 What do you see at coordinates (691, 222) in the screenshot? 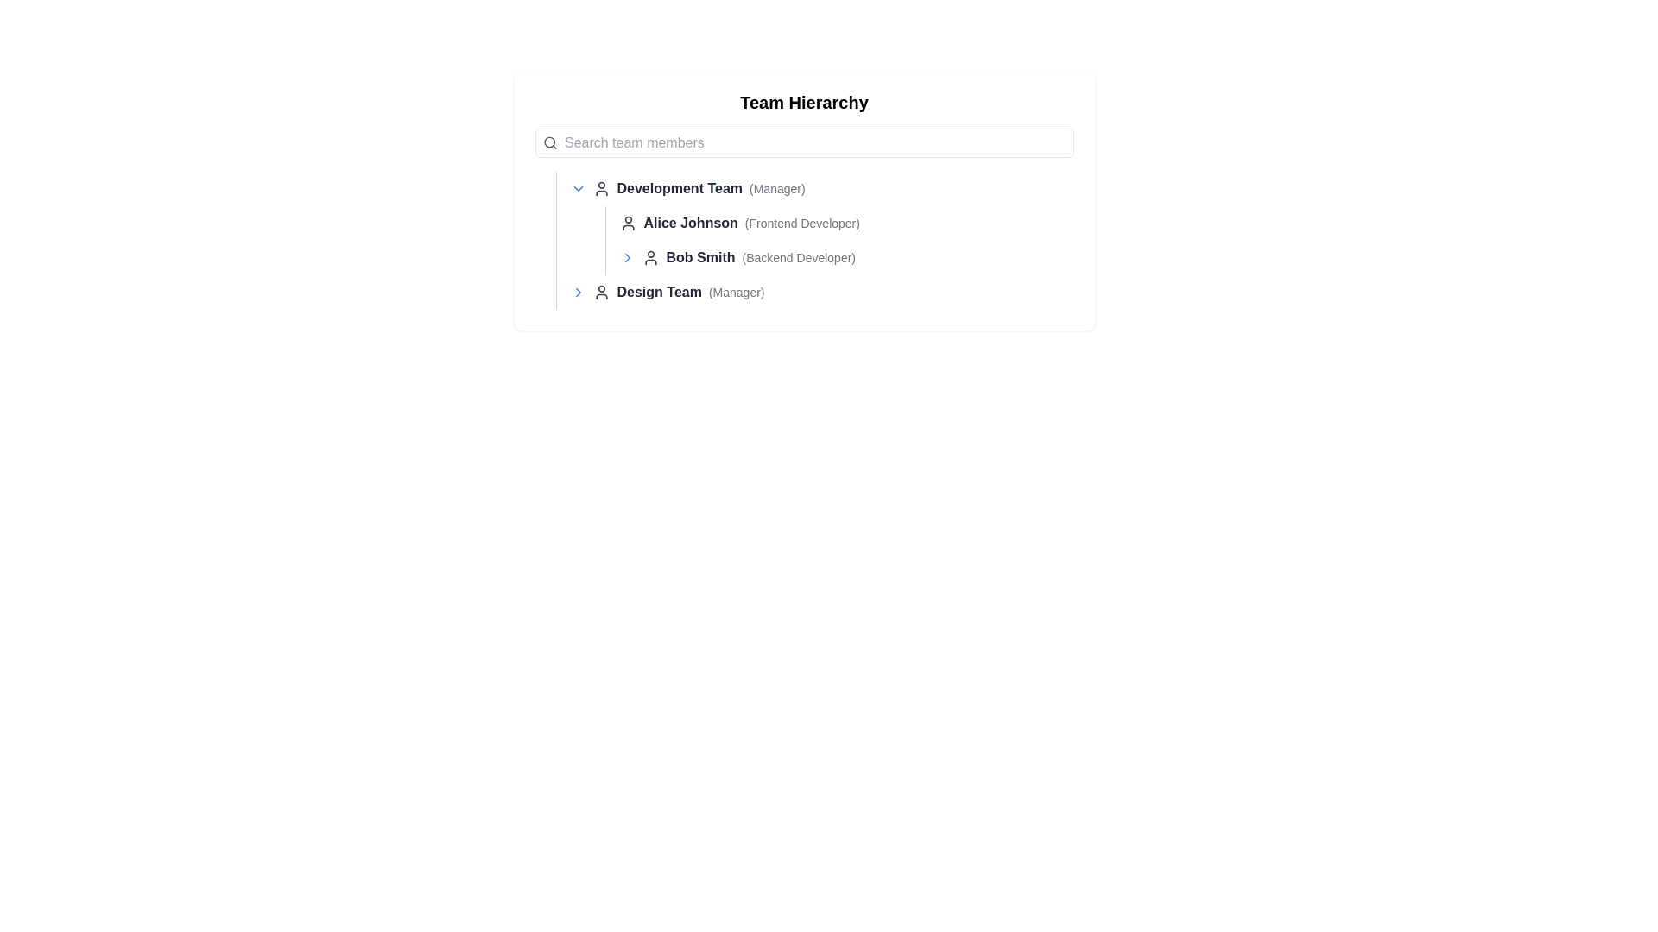
I see `the text label representing an individual's name within the team hierarchy, located directly under the 'Development Team (Manager)' entry` at bounding box center [691, 222].